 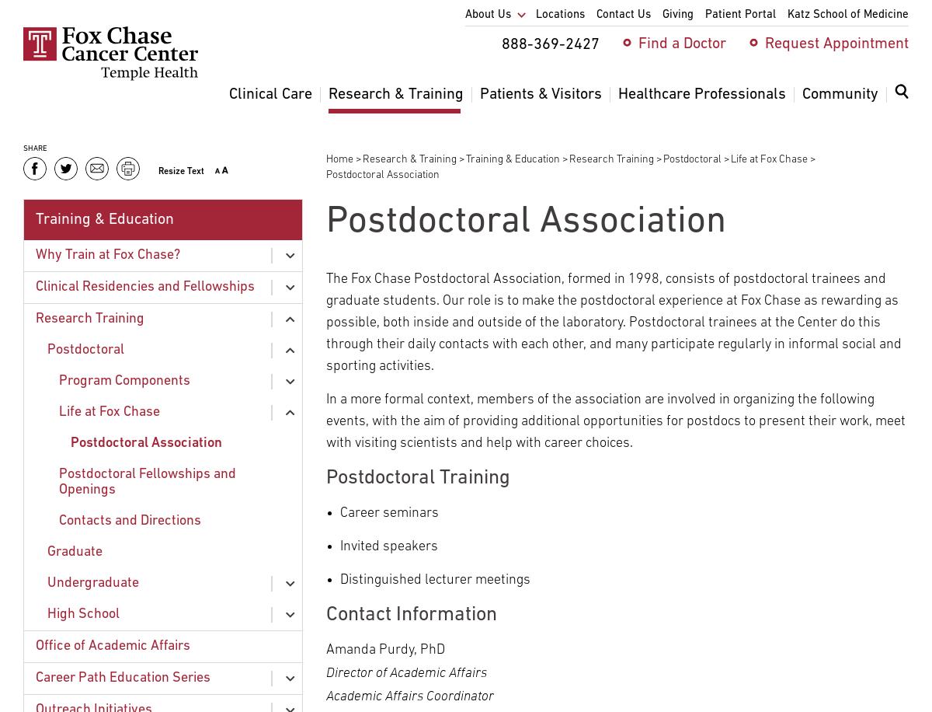 I want to click on 'Office of Academic Affairs', so click(x=113, y=645).